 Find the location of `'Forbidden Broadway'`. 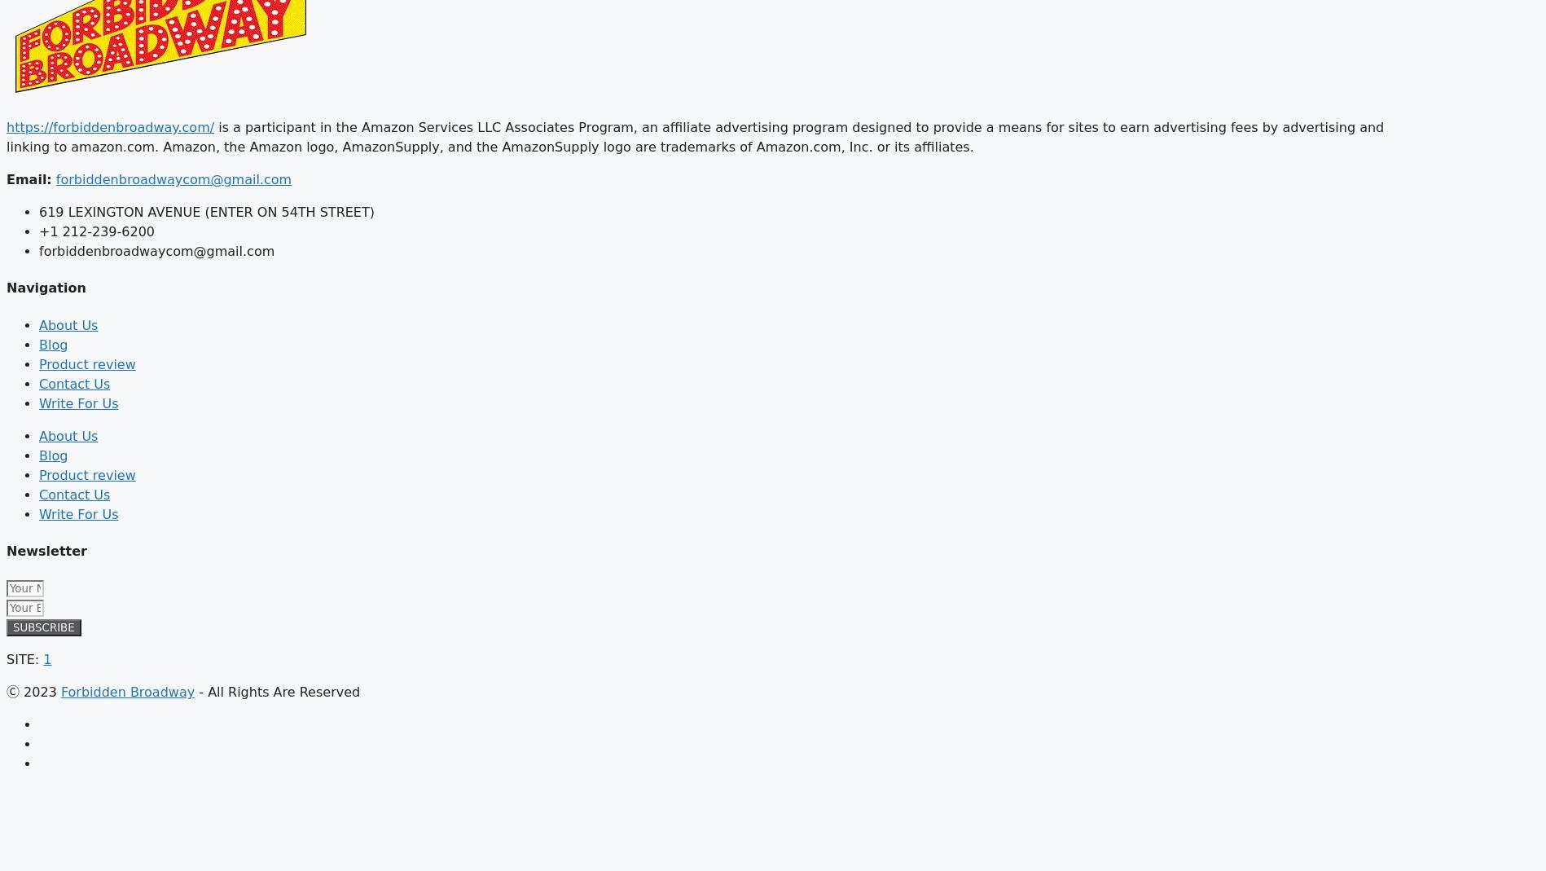

'Forbidden Broadway' is located at coordinates (127, 692).